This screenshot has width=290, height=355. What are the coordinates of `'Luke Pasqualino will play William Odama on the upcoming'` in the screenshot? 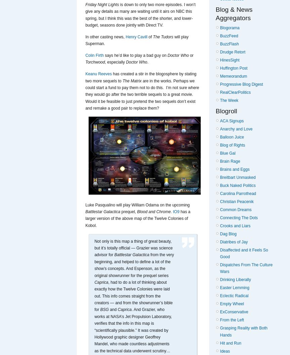 It's located at (85, 204).